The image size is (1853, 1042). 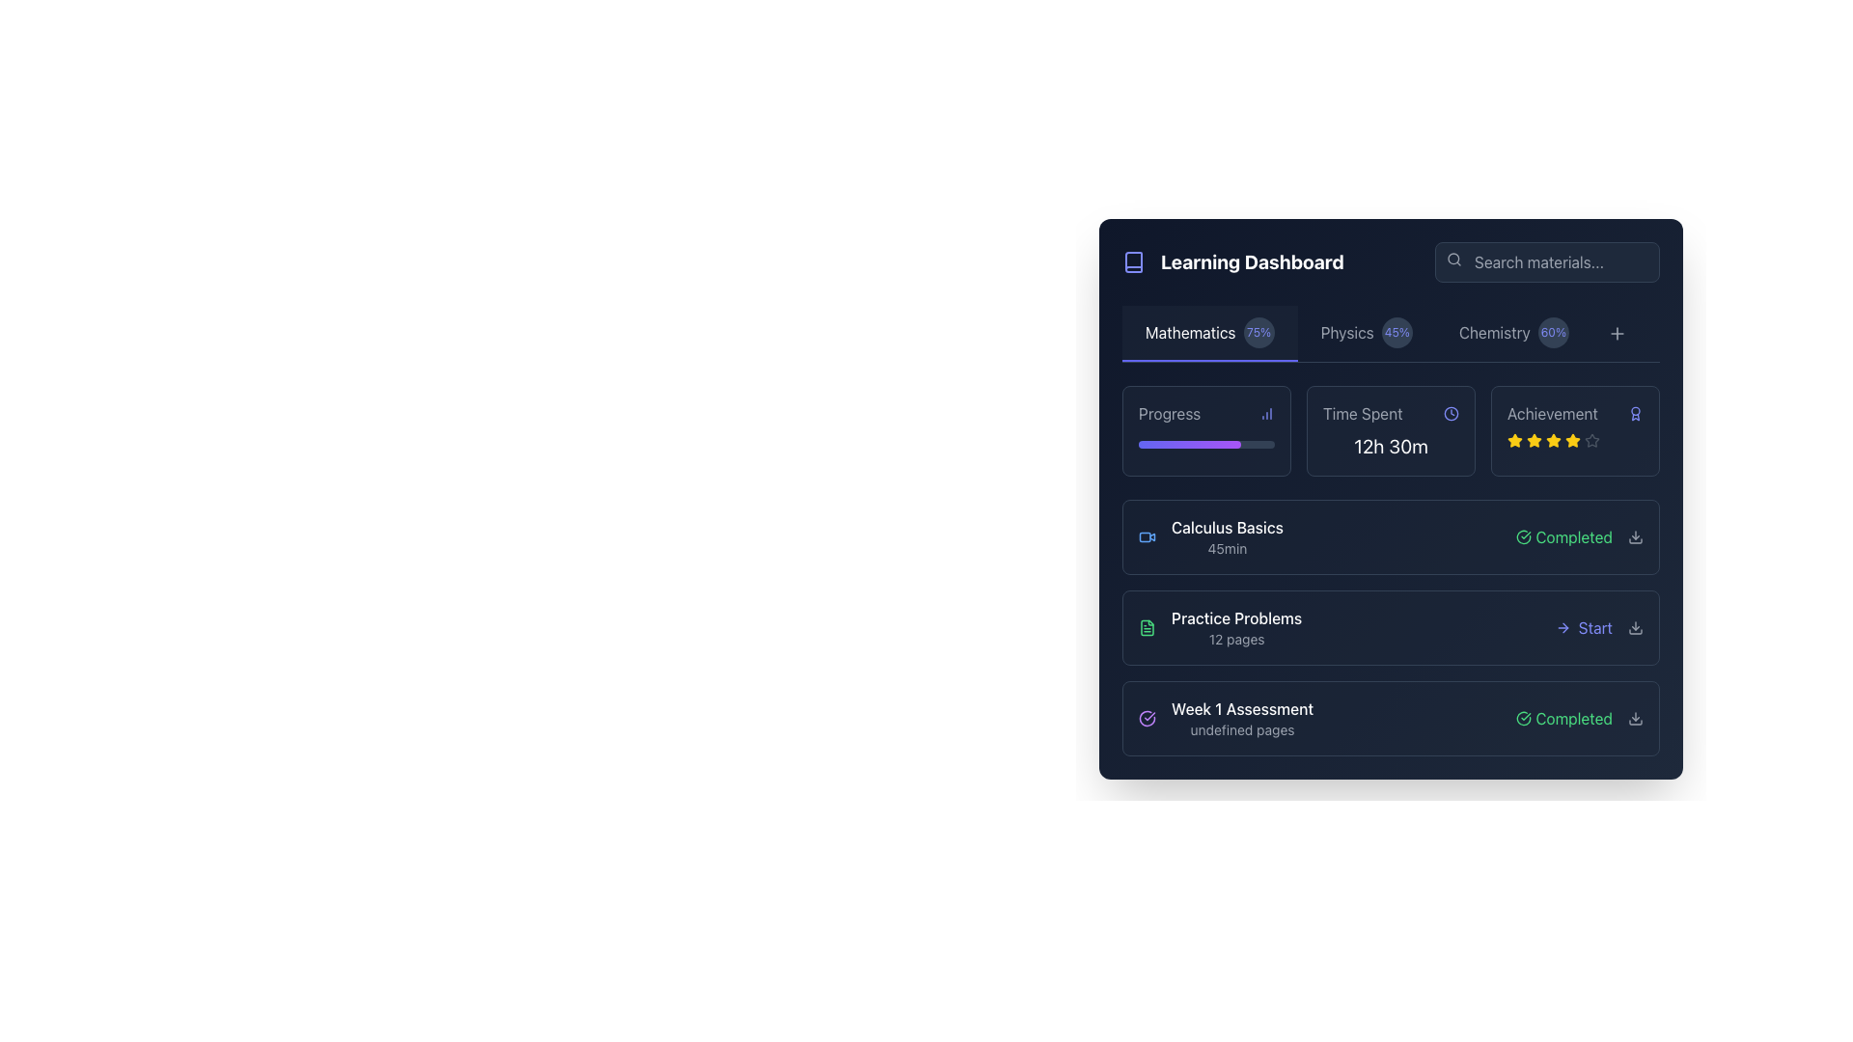 I want to click on the Progress bar element located in the 'Progress' section of the 'Learning Dashboard', which visually represents the user's progress or completion rate, so click(x=1205, y=445).